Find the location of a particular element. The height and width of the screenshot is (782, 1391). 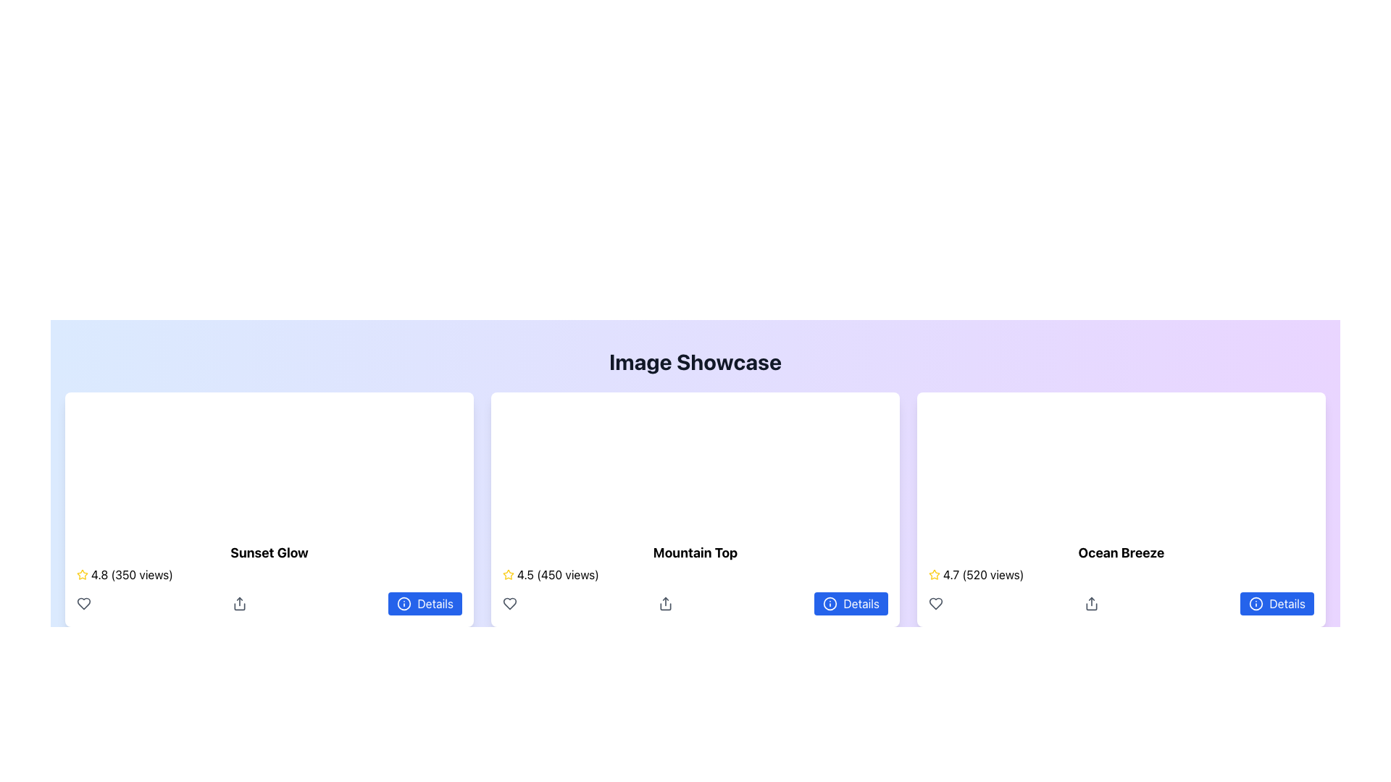

text displayed in the Text Display element that shows the rating and total number of views for 'Mountain Top', located under the heading 'Mountain Top' and to the right of the yellow star icon is located at coordinates (557, 574).